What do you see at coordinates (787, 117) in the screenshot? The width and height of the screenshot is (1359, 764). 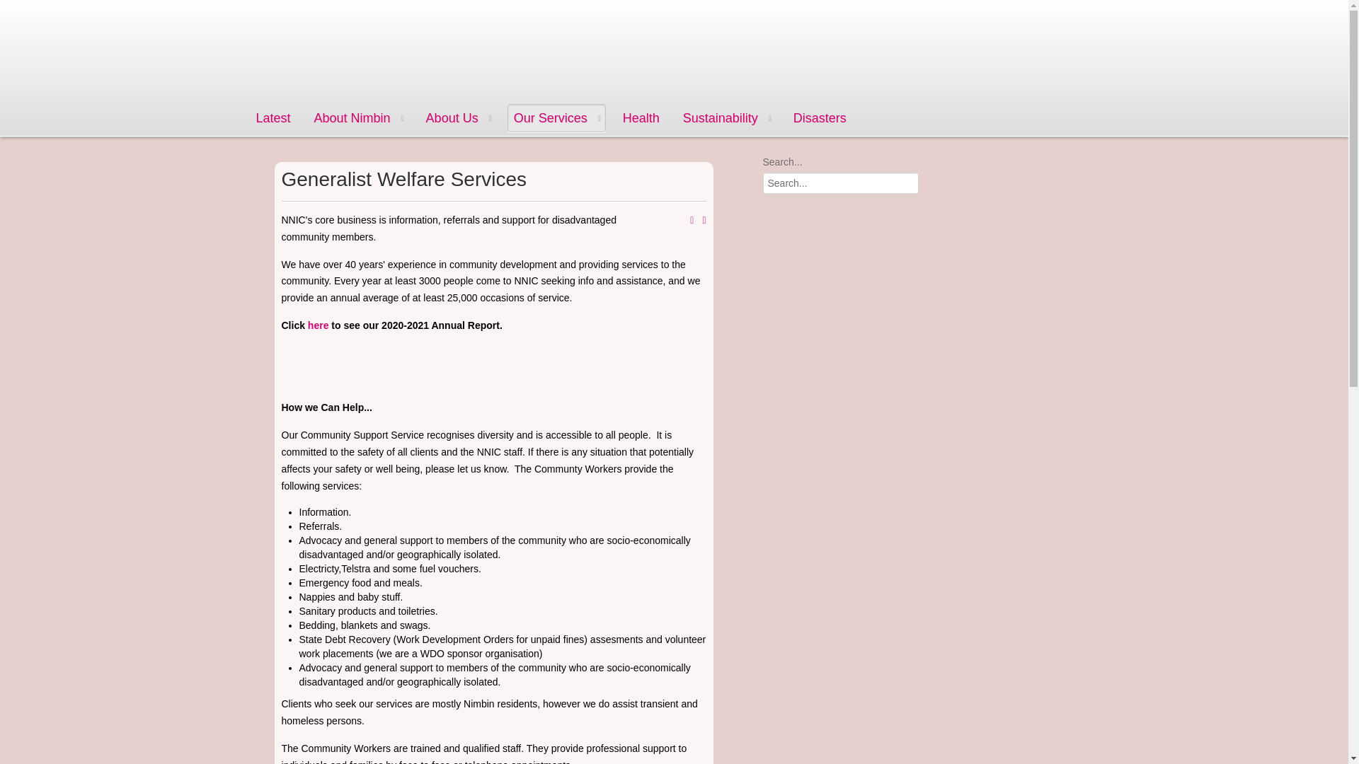 I see `'Disasters'` at bounding box center [787, 117].